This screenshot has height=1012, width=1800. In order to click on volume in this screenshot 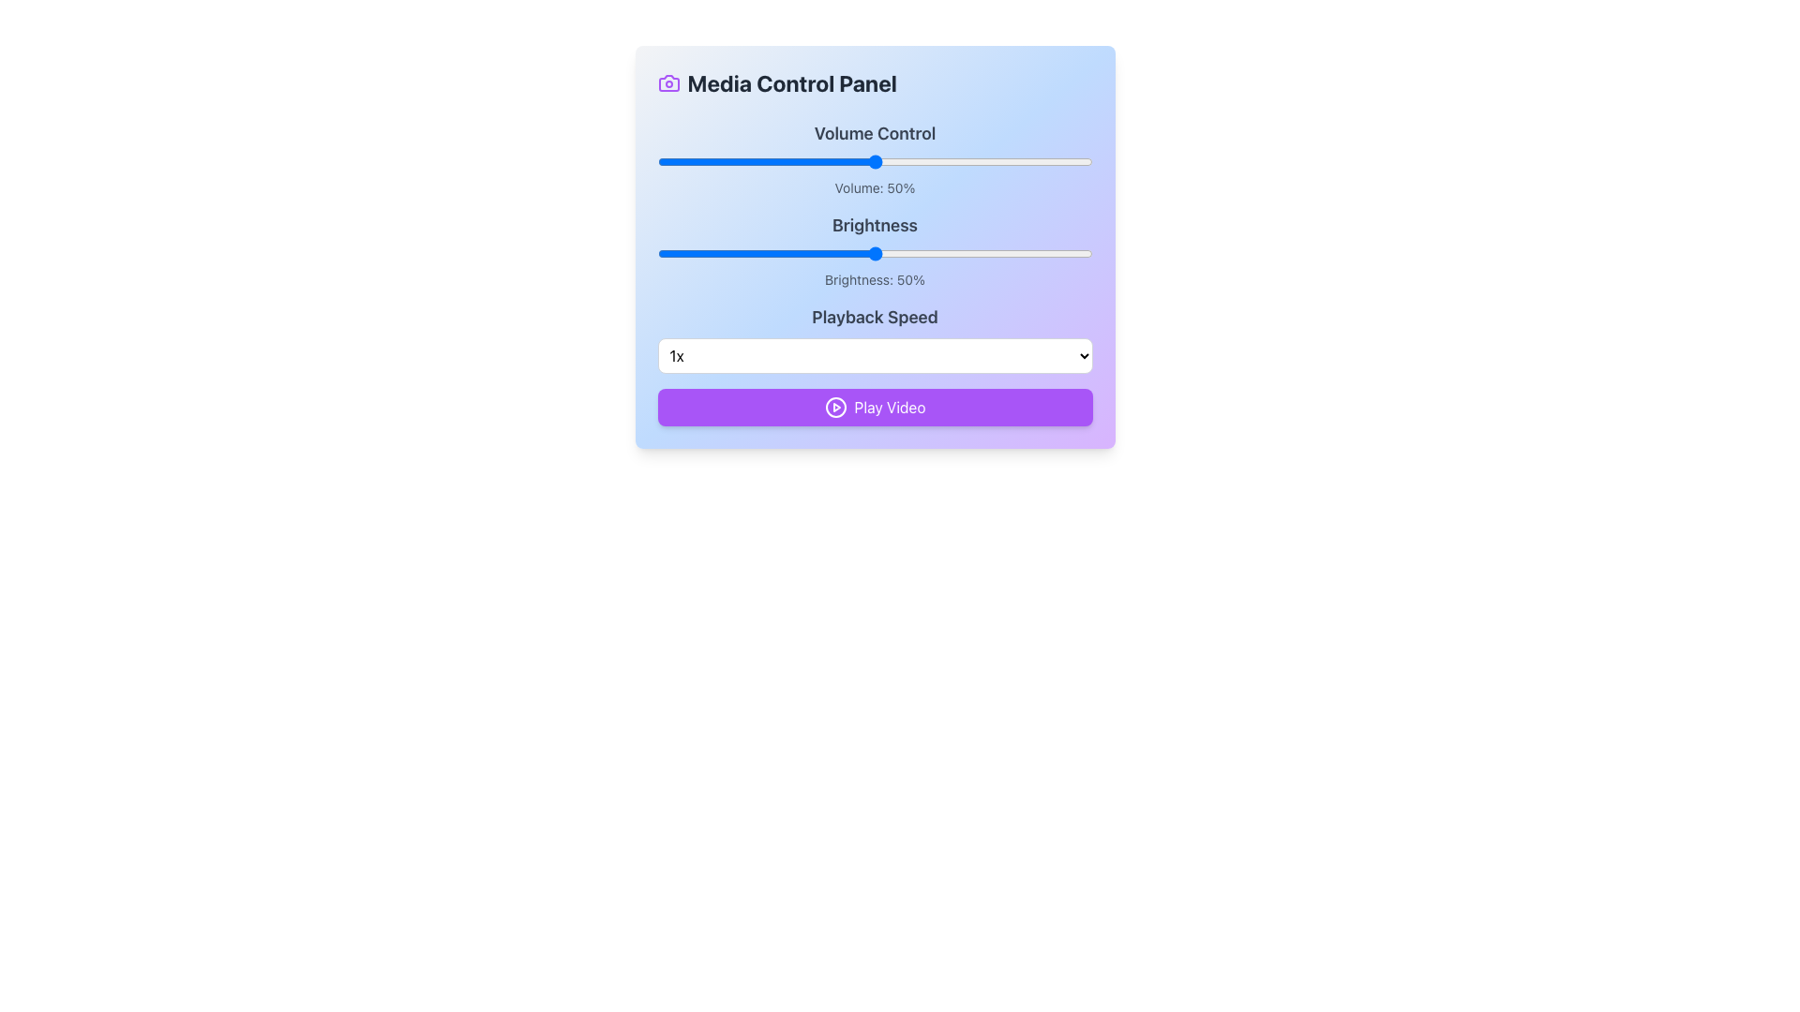, I will do `click(991, 161)`.